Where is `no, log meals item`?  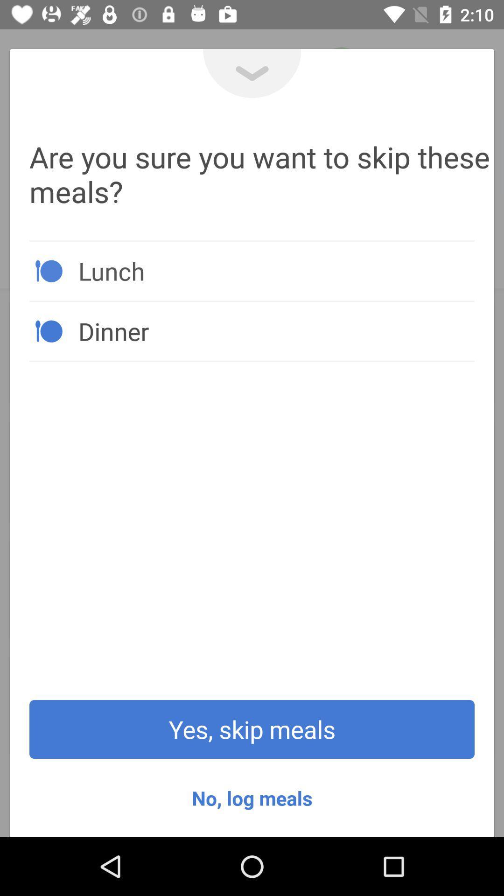 no, log meals item is located at coordinates (252, 797).